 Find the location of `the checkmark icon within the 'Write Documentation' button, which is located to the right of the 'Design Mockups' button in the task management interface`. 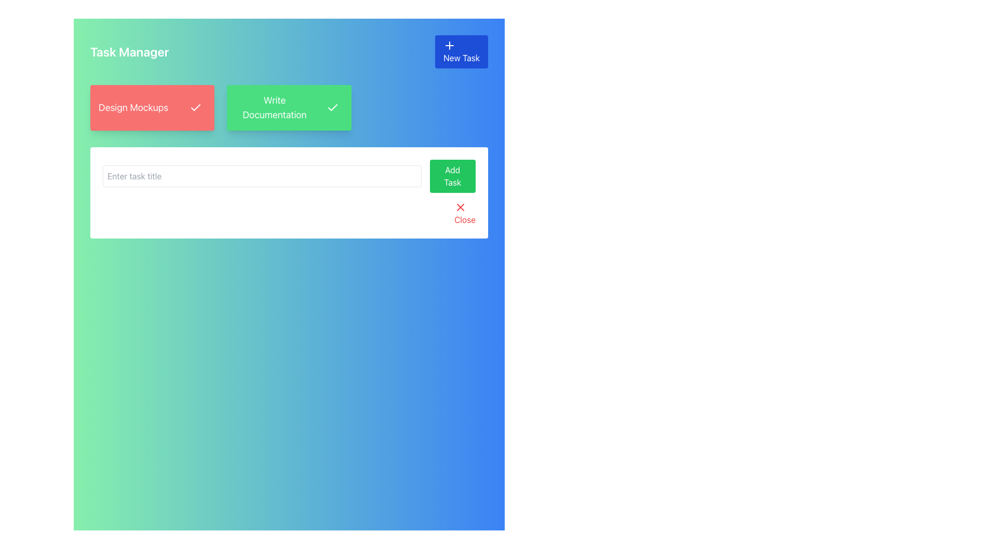

the checkmark icon within the 'Write Documentation' button, which is located to the right of the 'Design Mockups' button in the task management interface is located at coordinates (332, 108).